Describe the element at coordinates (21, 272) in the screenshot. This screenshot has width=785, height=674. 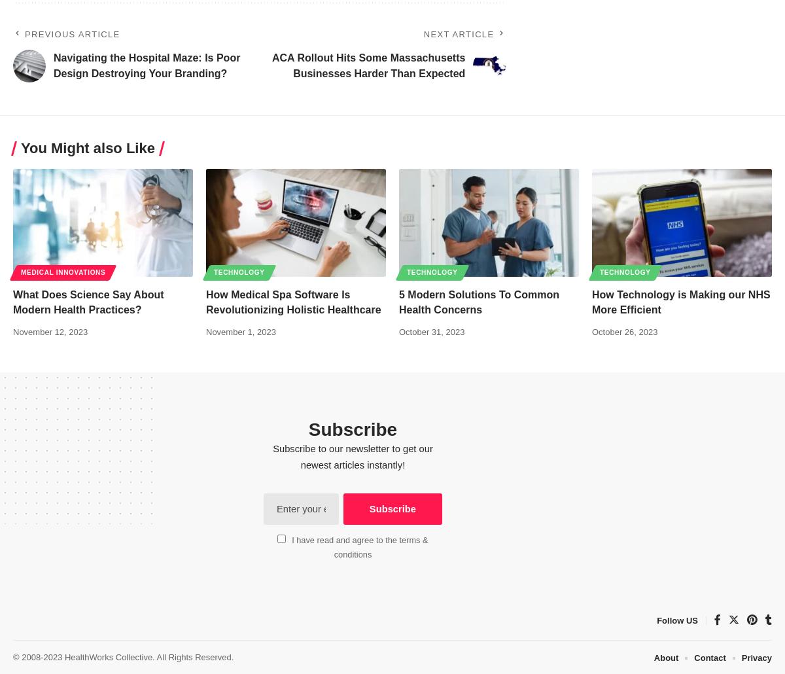
I see `'Medical Innovations'` at that location.